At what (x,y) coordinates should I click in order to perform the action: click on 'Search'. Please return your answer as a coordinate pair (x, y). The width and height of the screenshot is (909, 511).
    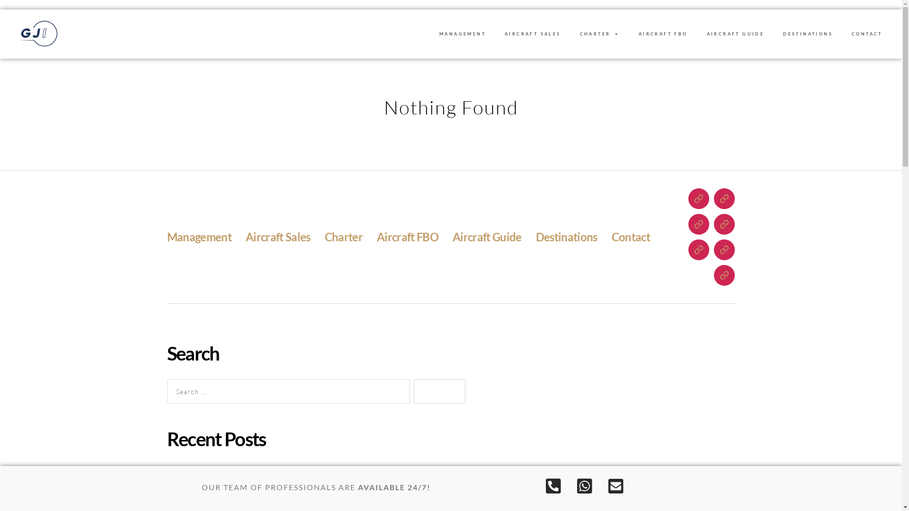
    Looking at the image, I should click on (438, 392).